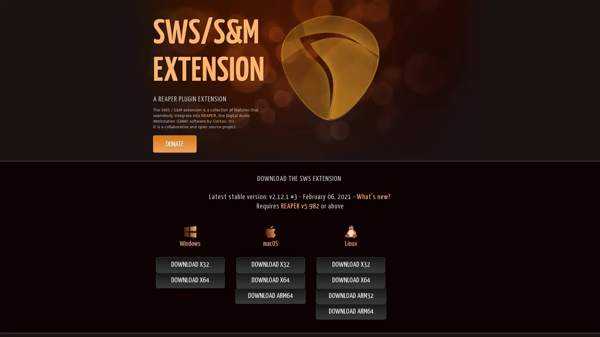 The width and height of the screenshot is (600, 337). I want to click on DOWNLOAD X32, so click(199, 265).